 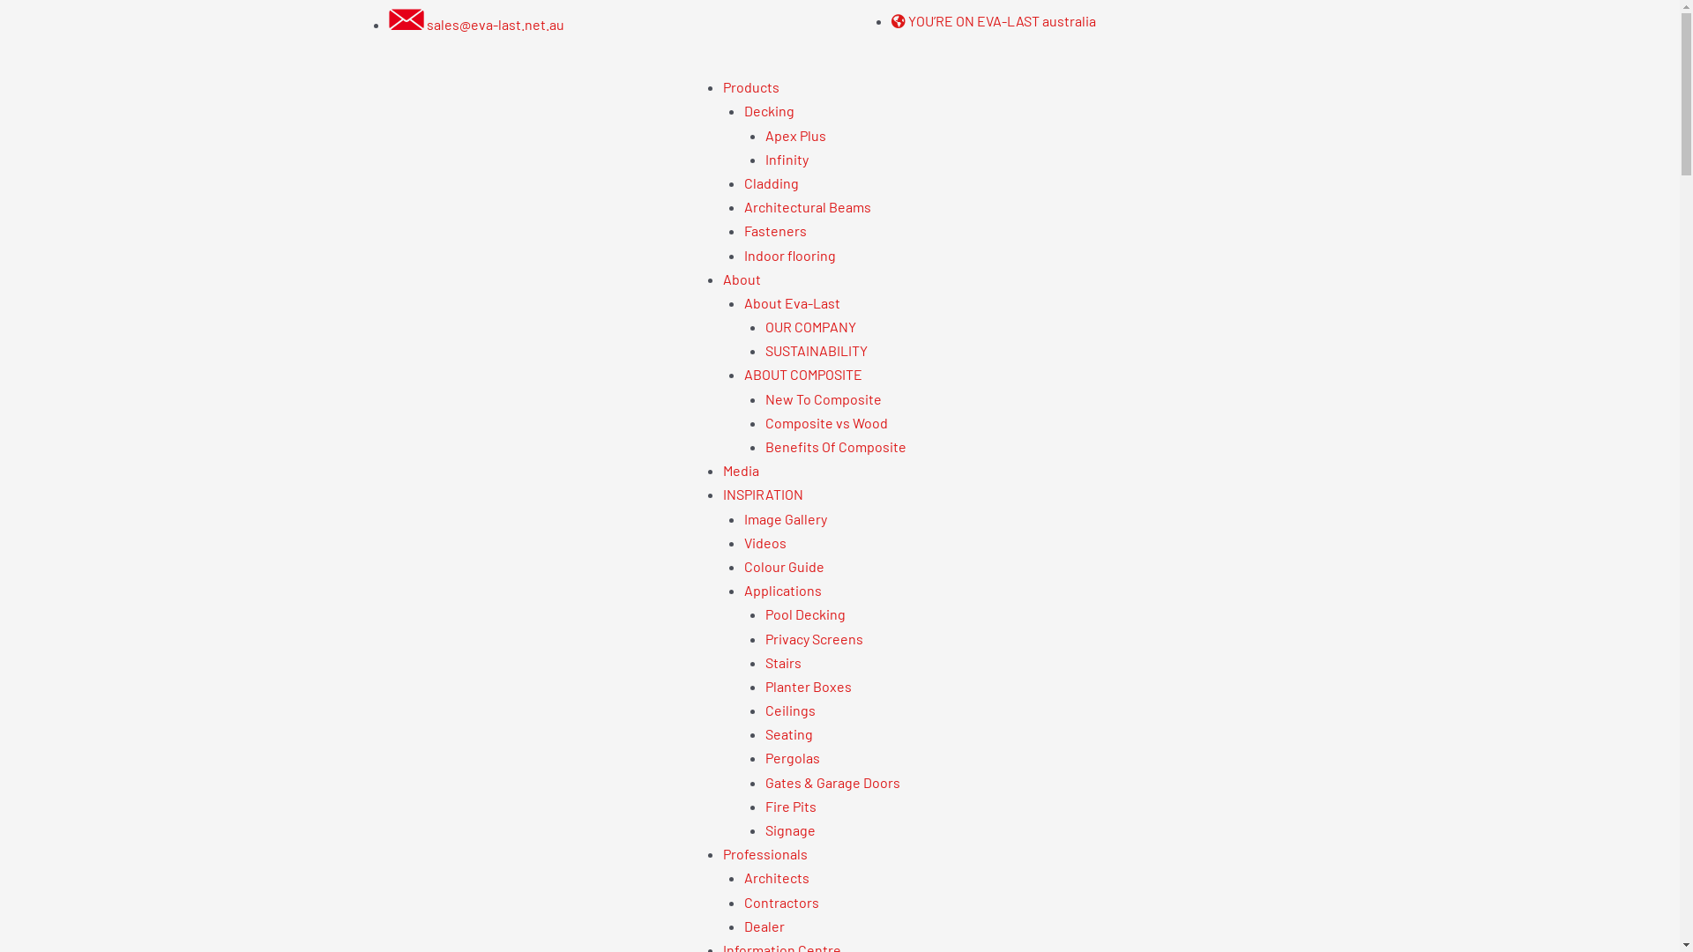 I want to click on 'Indoor flooring', so click(x=789, y=255).